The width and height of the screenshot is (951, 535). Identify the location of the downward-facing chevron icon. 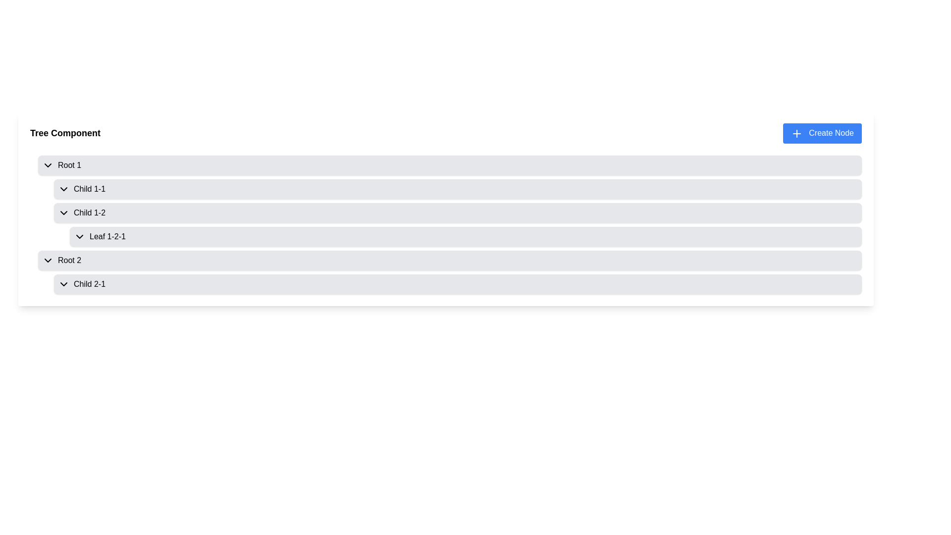
(80, 236).